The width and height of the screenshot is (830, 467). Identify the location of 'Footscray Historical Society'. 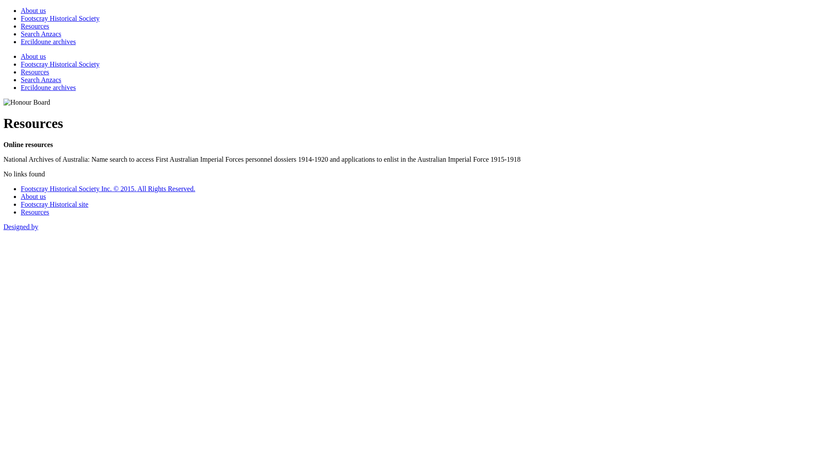
(60, 64).